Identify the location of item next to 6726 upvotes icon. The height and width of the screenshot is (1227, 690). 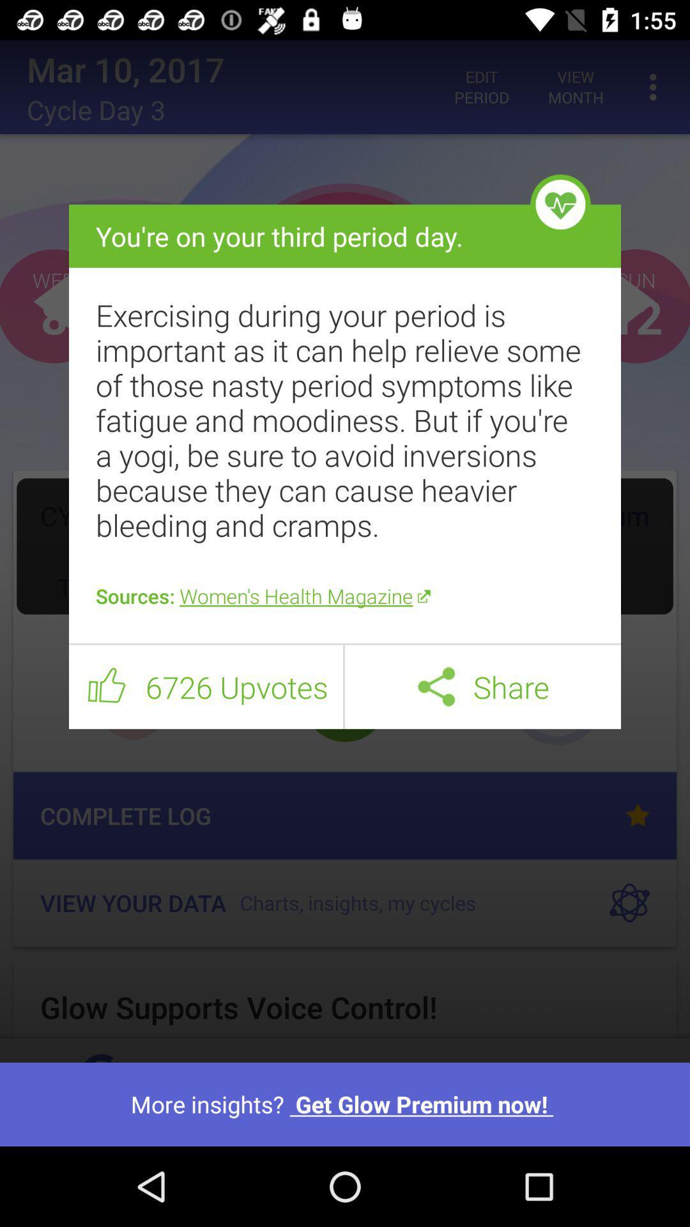
(343, 686).